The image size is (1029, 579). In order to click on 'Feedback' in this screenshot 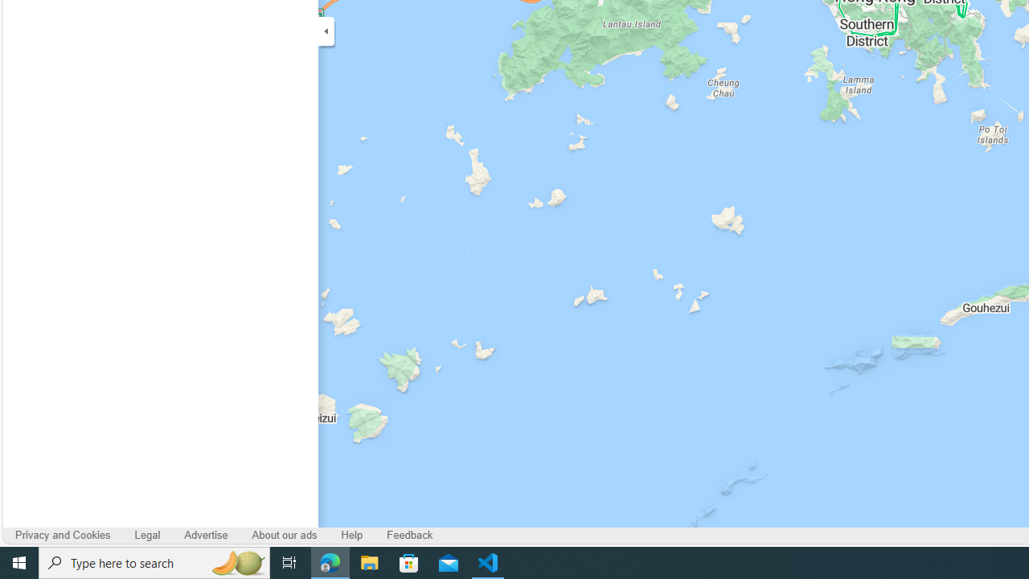, I will do `click(410, 536)`.